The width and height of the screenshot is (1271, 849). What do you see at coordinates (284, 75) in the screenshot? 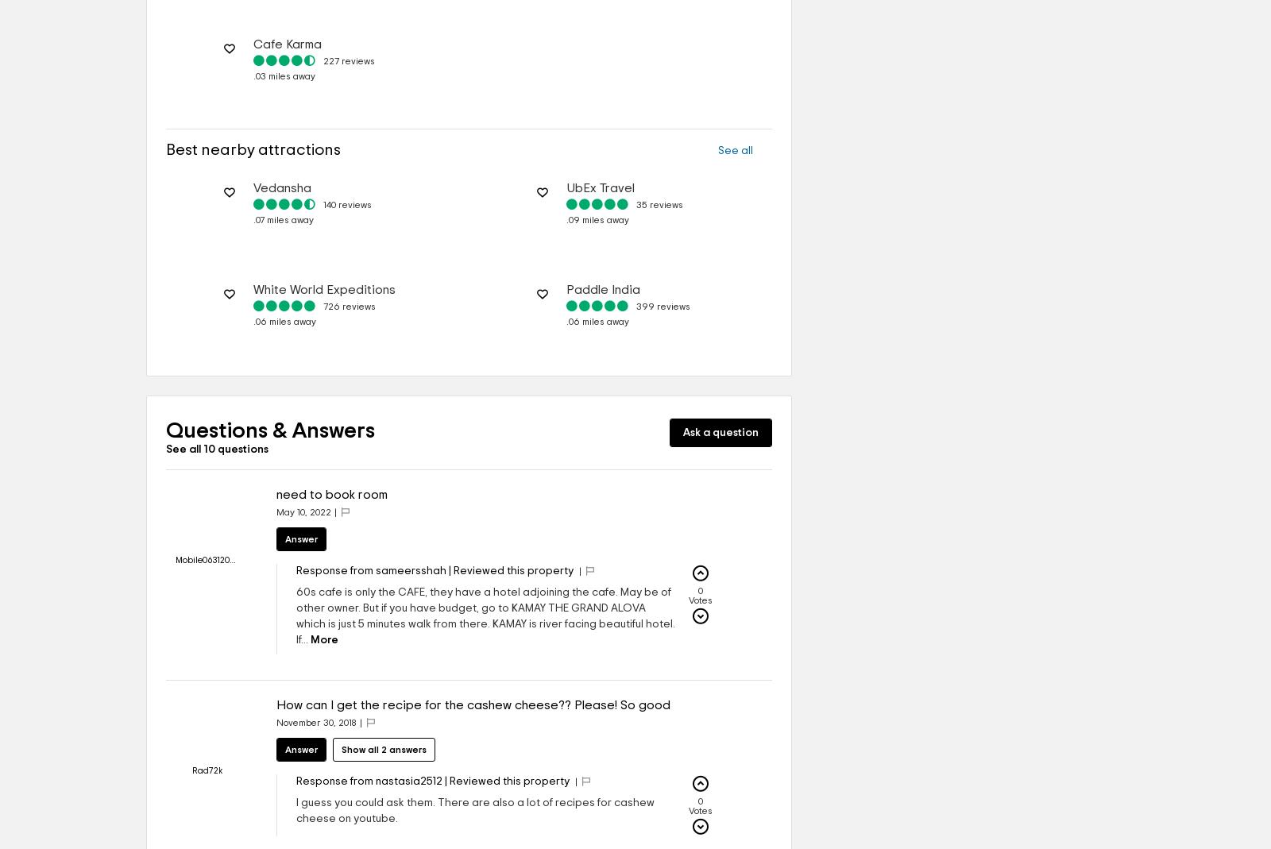
I see `'.03 miles away'` at bounding box center [284, 75].